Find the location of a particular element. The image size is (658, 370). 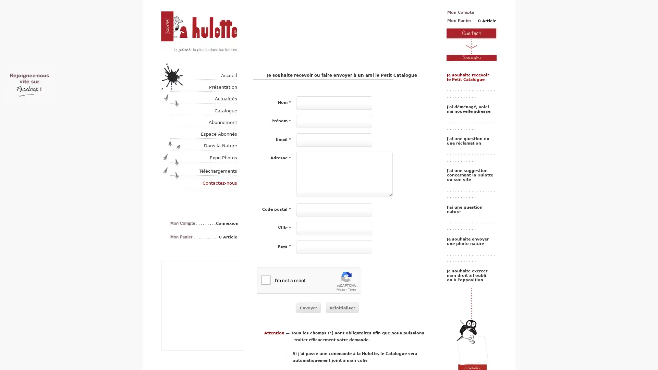

Reinitialiser is located at coordinates (342, 307).